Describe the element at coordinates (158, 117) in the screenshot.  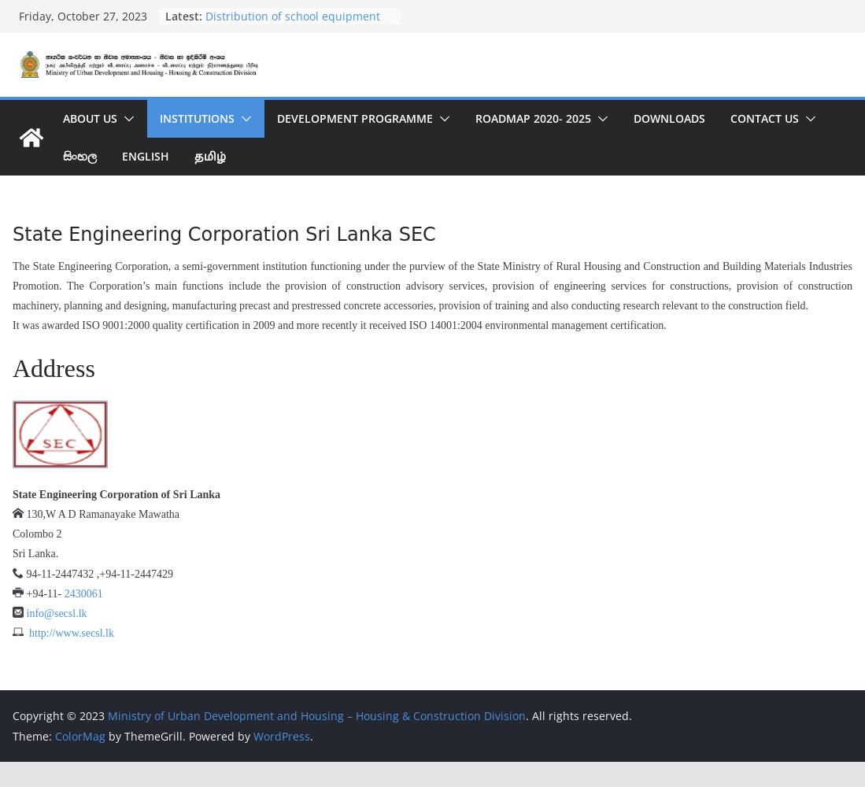
I see `'Institutions'` at that location.